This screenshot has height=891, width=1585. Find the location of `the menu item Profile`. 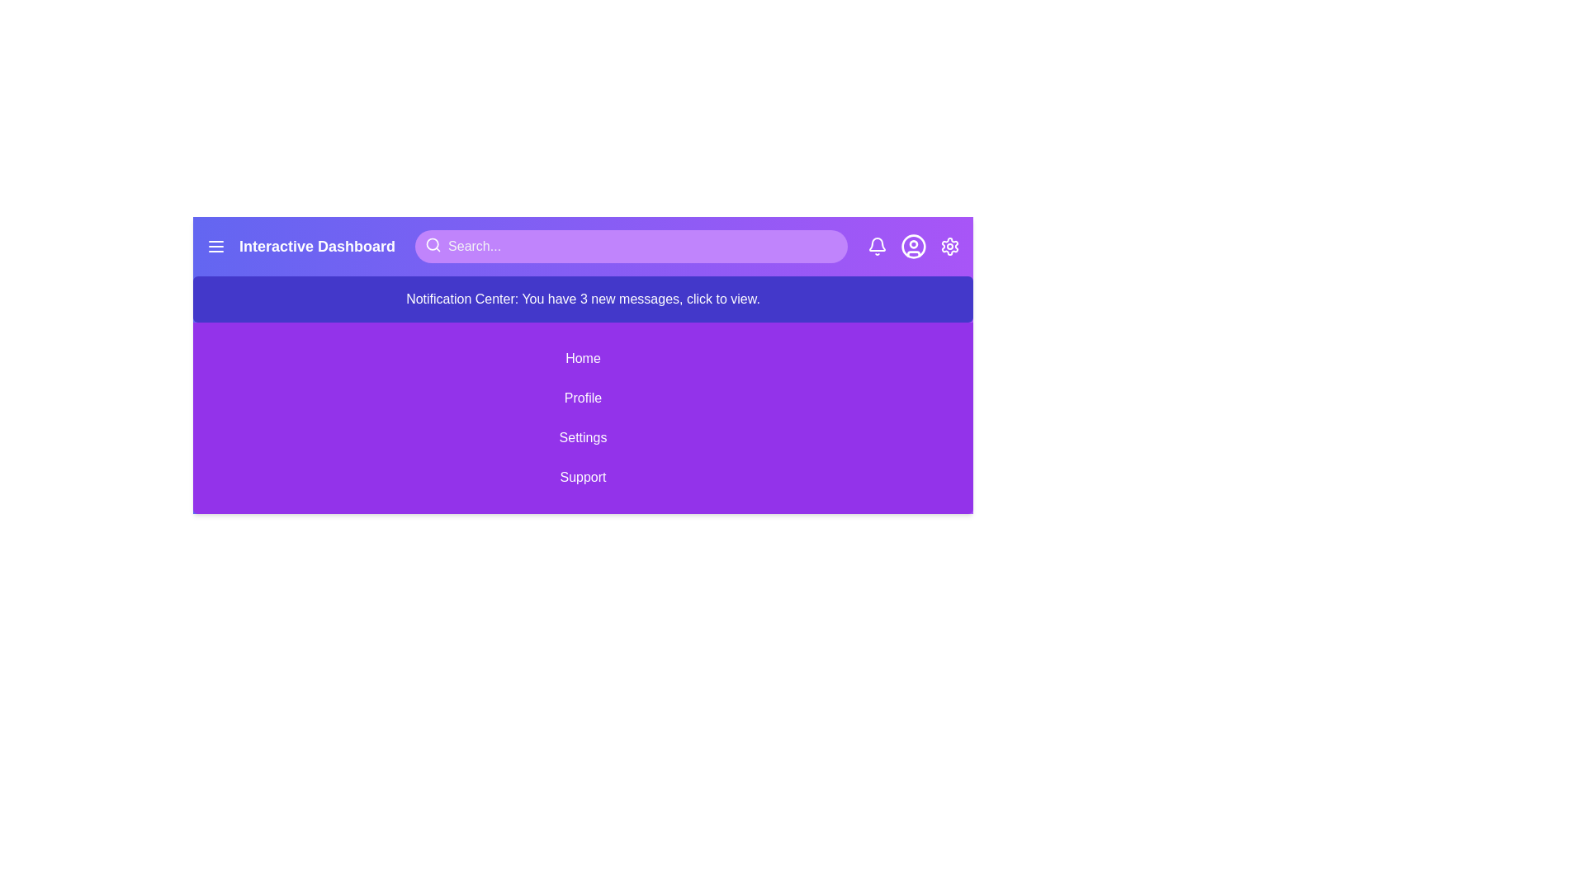

the menu item Profile is located at coordinates (583, 398).